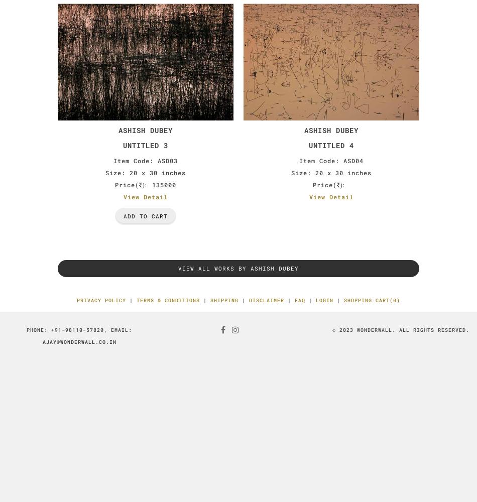 This screenshot has width=477, height=502. What do you see at coordinates (331, 145) in the screenshot?
I see `'Untitled 4'` at bounding box center [331, 145].